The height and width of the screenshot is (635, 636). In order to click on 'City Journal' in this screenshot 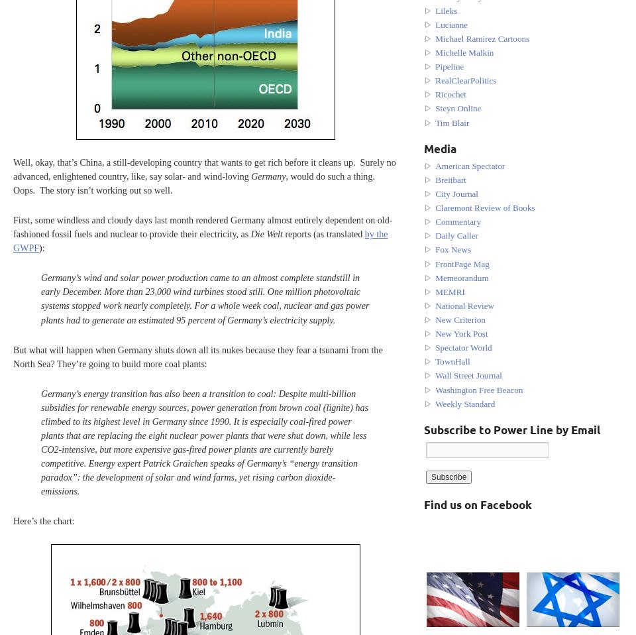, I will do `click(456, 194)`.